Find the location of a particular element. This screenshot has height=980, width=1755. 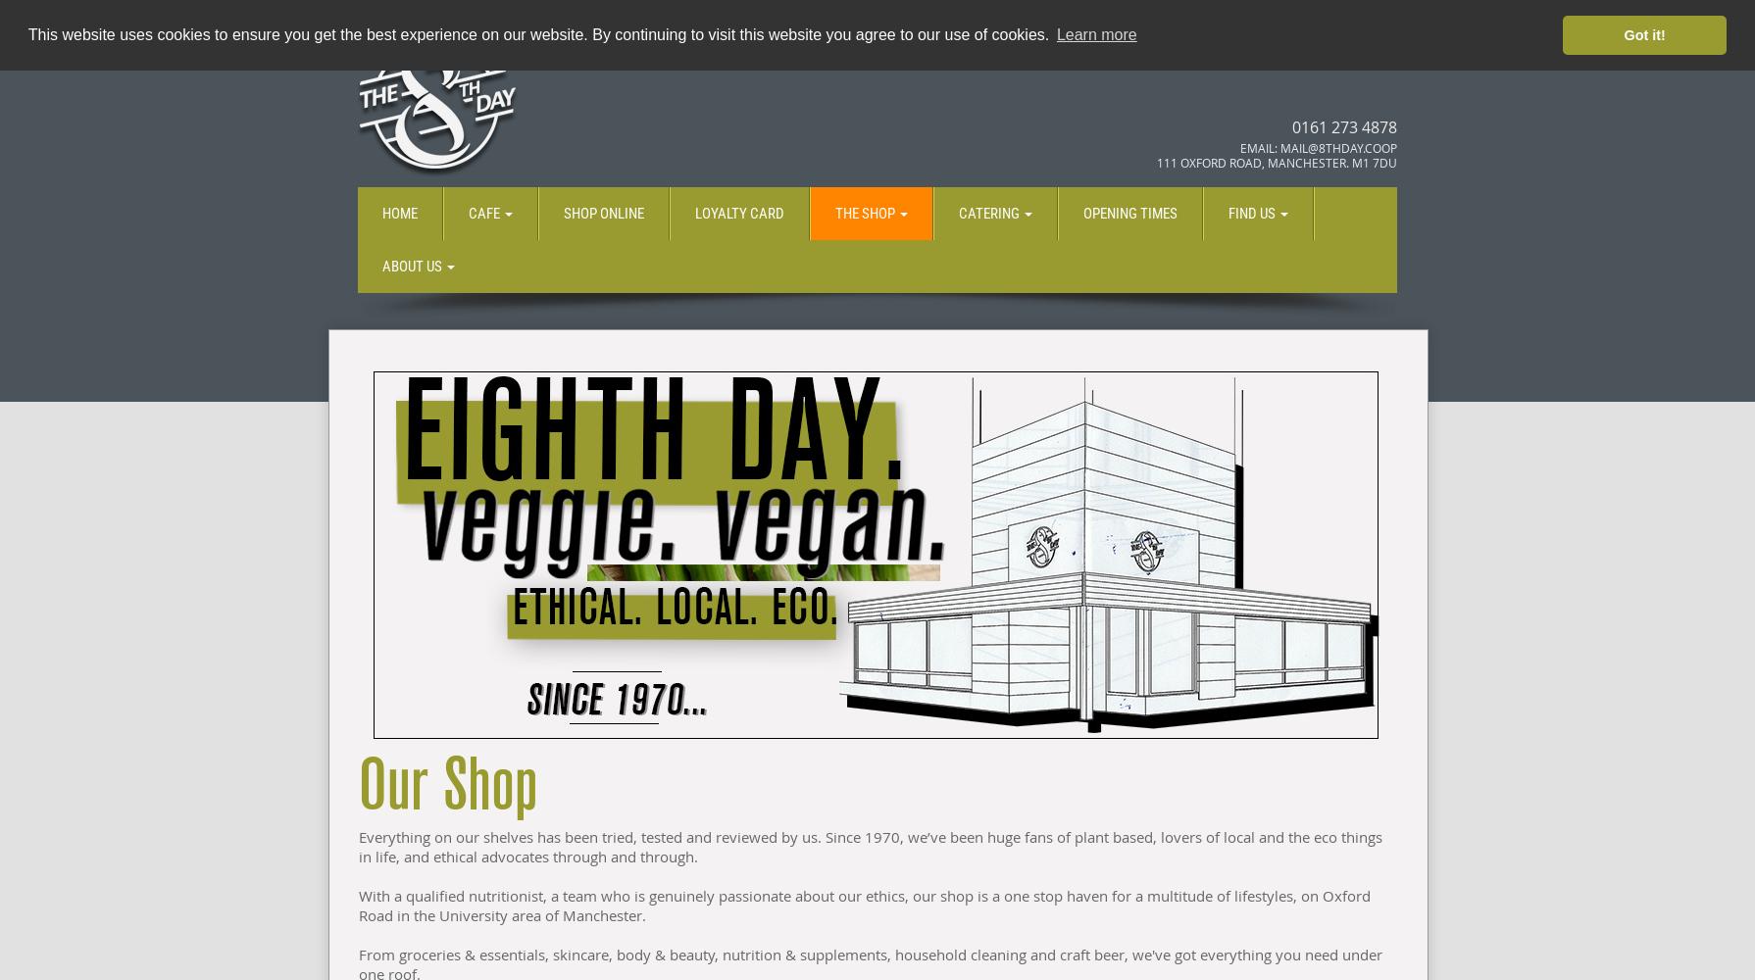

'Learn more' is located at coordinates (1056, 33).